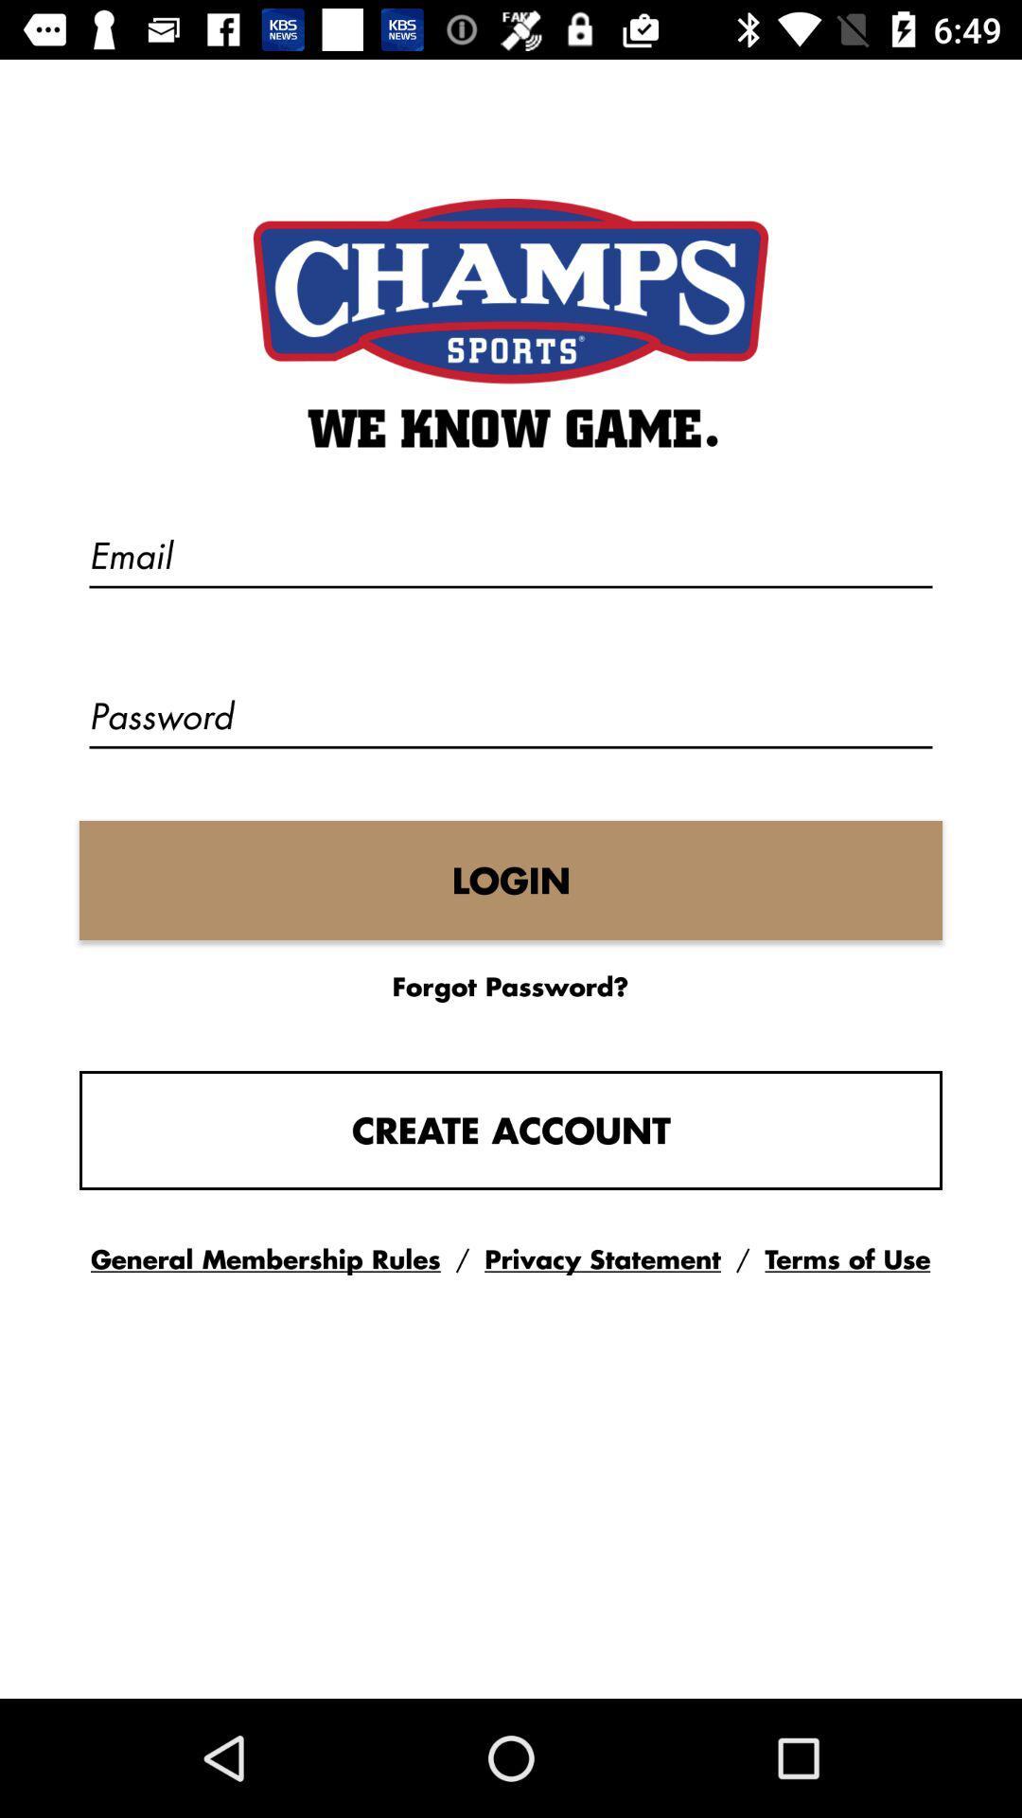 This screenshot has width=1022, height=1818. I want to click on login button, so click(511, 880).